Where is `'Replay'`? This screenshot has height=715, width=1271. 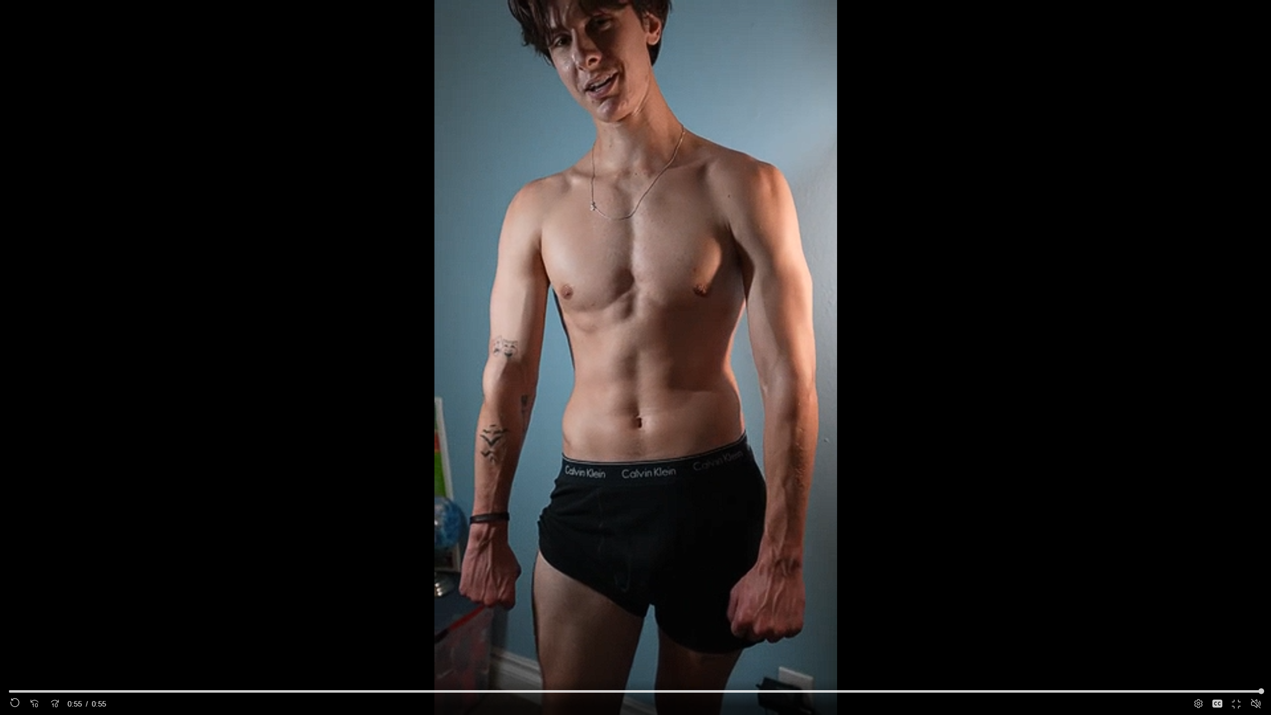
'Replay' is located at coordinates (14, 704).